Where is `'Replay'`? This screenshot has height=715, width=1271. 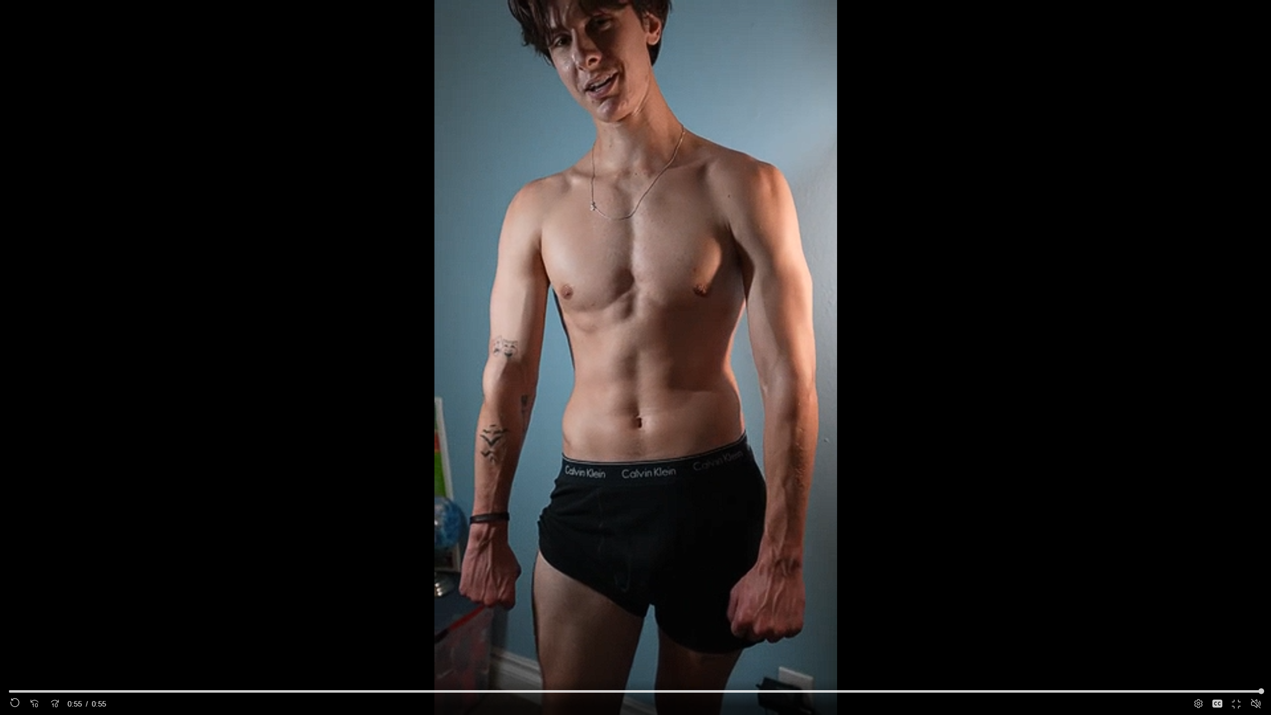
'Replay' is located at coordinates (14, 704).